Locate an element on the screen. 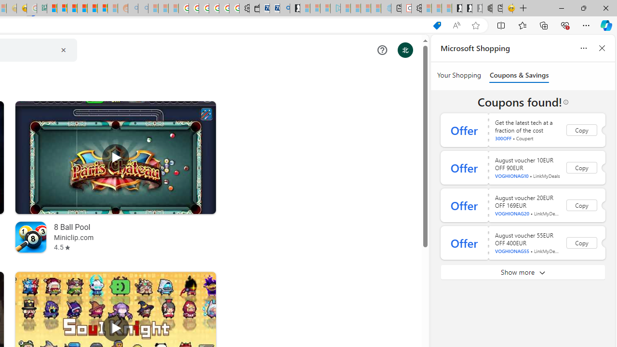 This screenshot has width=617, height=347. 'Copilot (Ctrl+Shift+.)' is located at coordinates (606, 25).